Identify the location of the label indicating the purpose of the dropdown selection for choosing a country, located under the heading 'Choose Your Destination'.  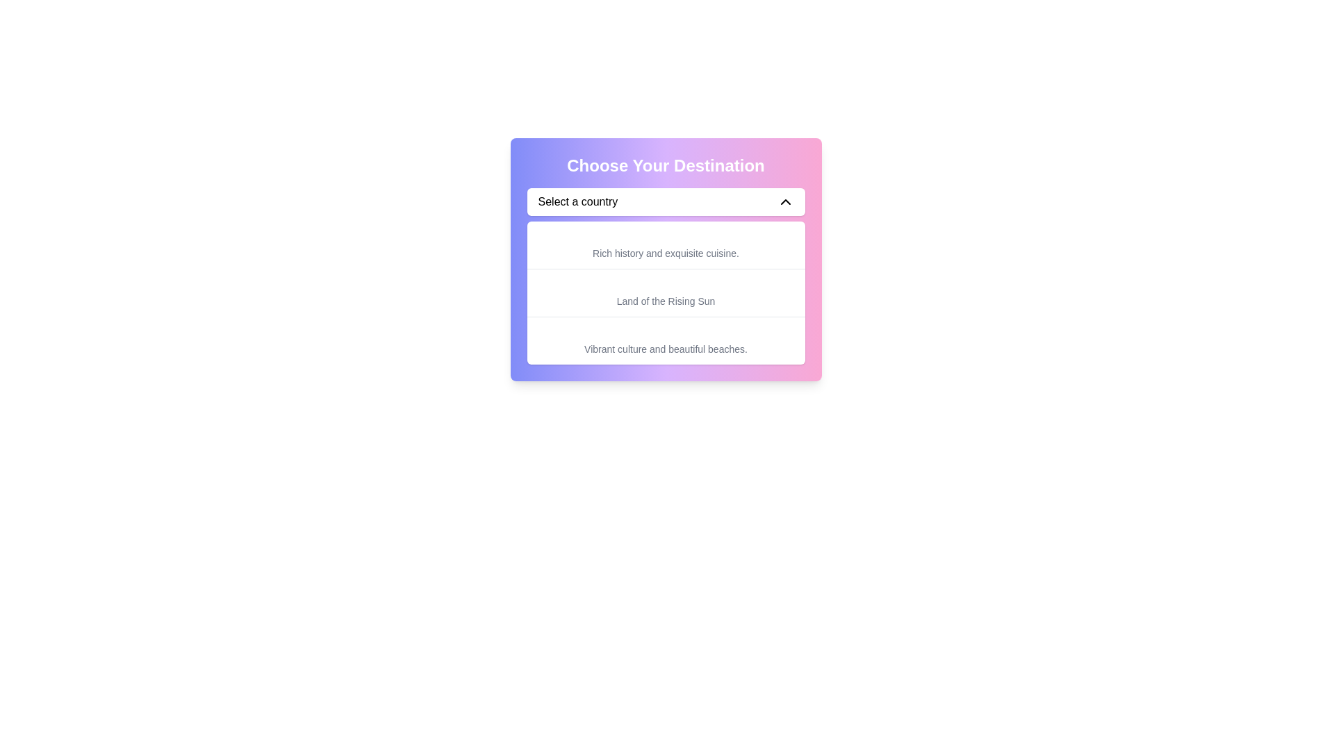
(577, 201).